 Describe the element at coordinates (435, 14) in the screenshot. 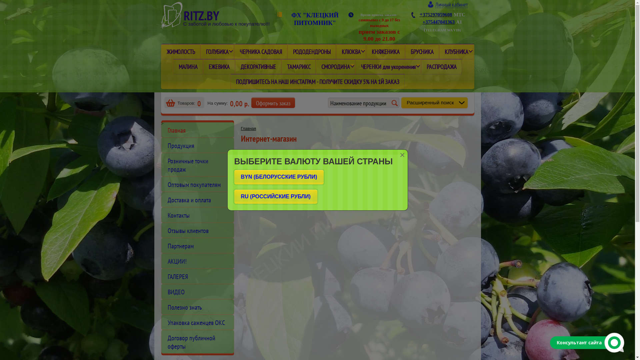

I see `'+375297059608'` at that location.